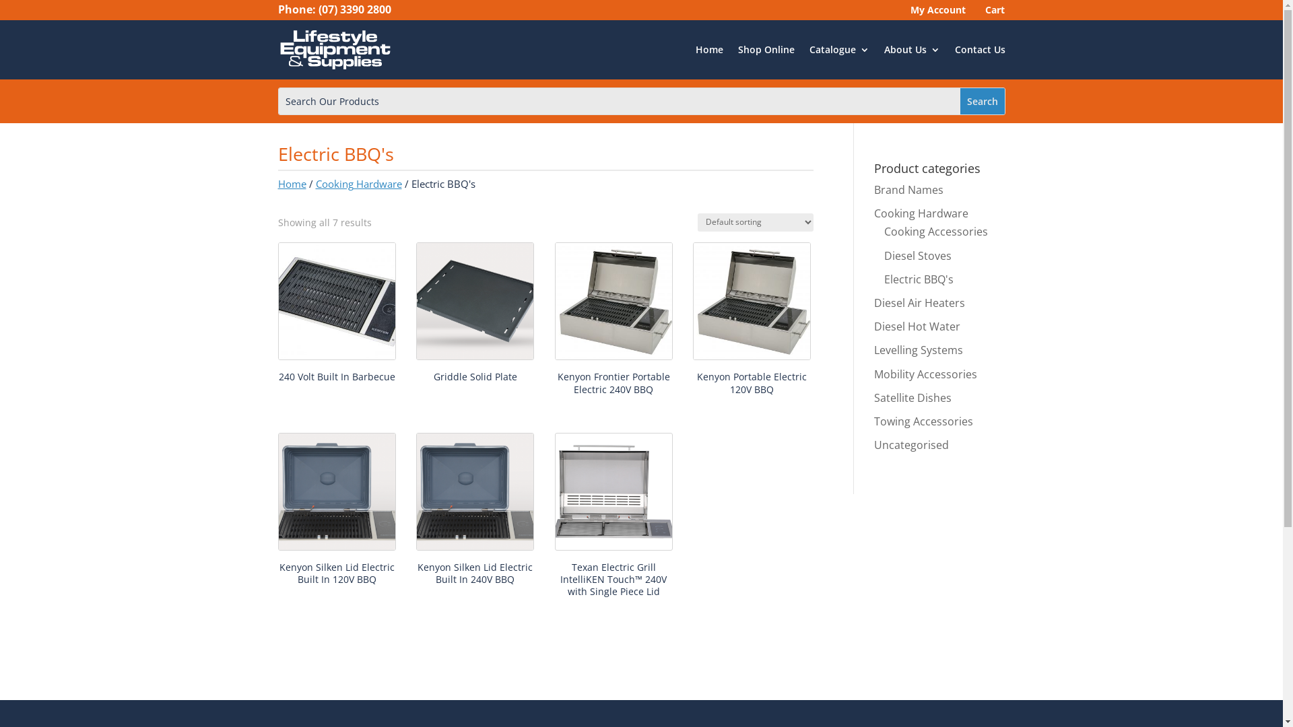 The height and width of the screenshot is (727, 1293). What do you see at coordinates (935, 230) in the screenshot?
I see `'Cooking Accessories'` at bounding box center [935, 230].